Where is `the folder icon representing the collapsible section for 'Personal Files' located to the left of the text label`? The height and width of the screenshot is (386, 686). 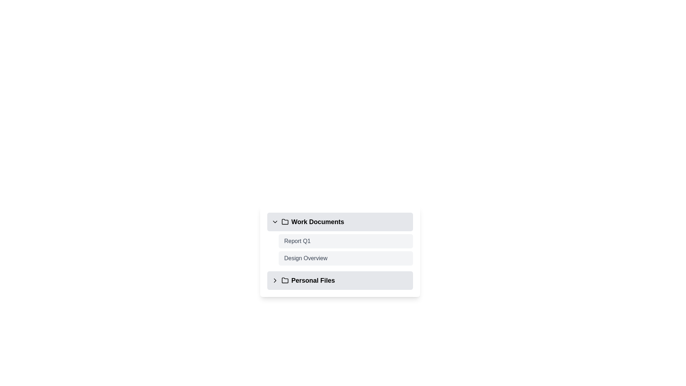 the folder icon representing the collapsible section for 'Personal Files' located to the left of the text label is located at coordinates (284, 280).